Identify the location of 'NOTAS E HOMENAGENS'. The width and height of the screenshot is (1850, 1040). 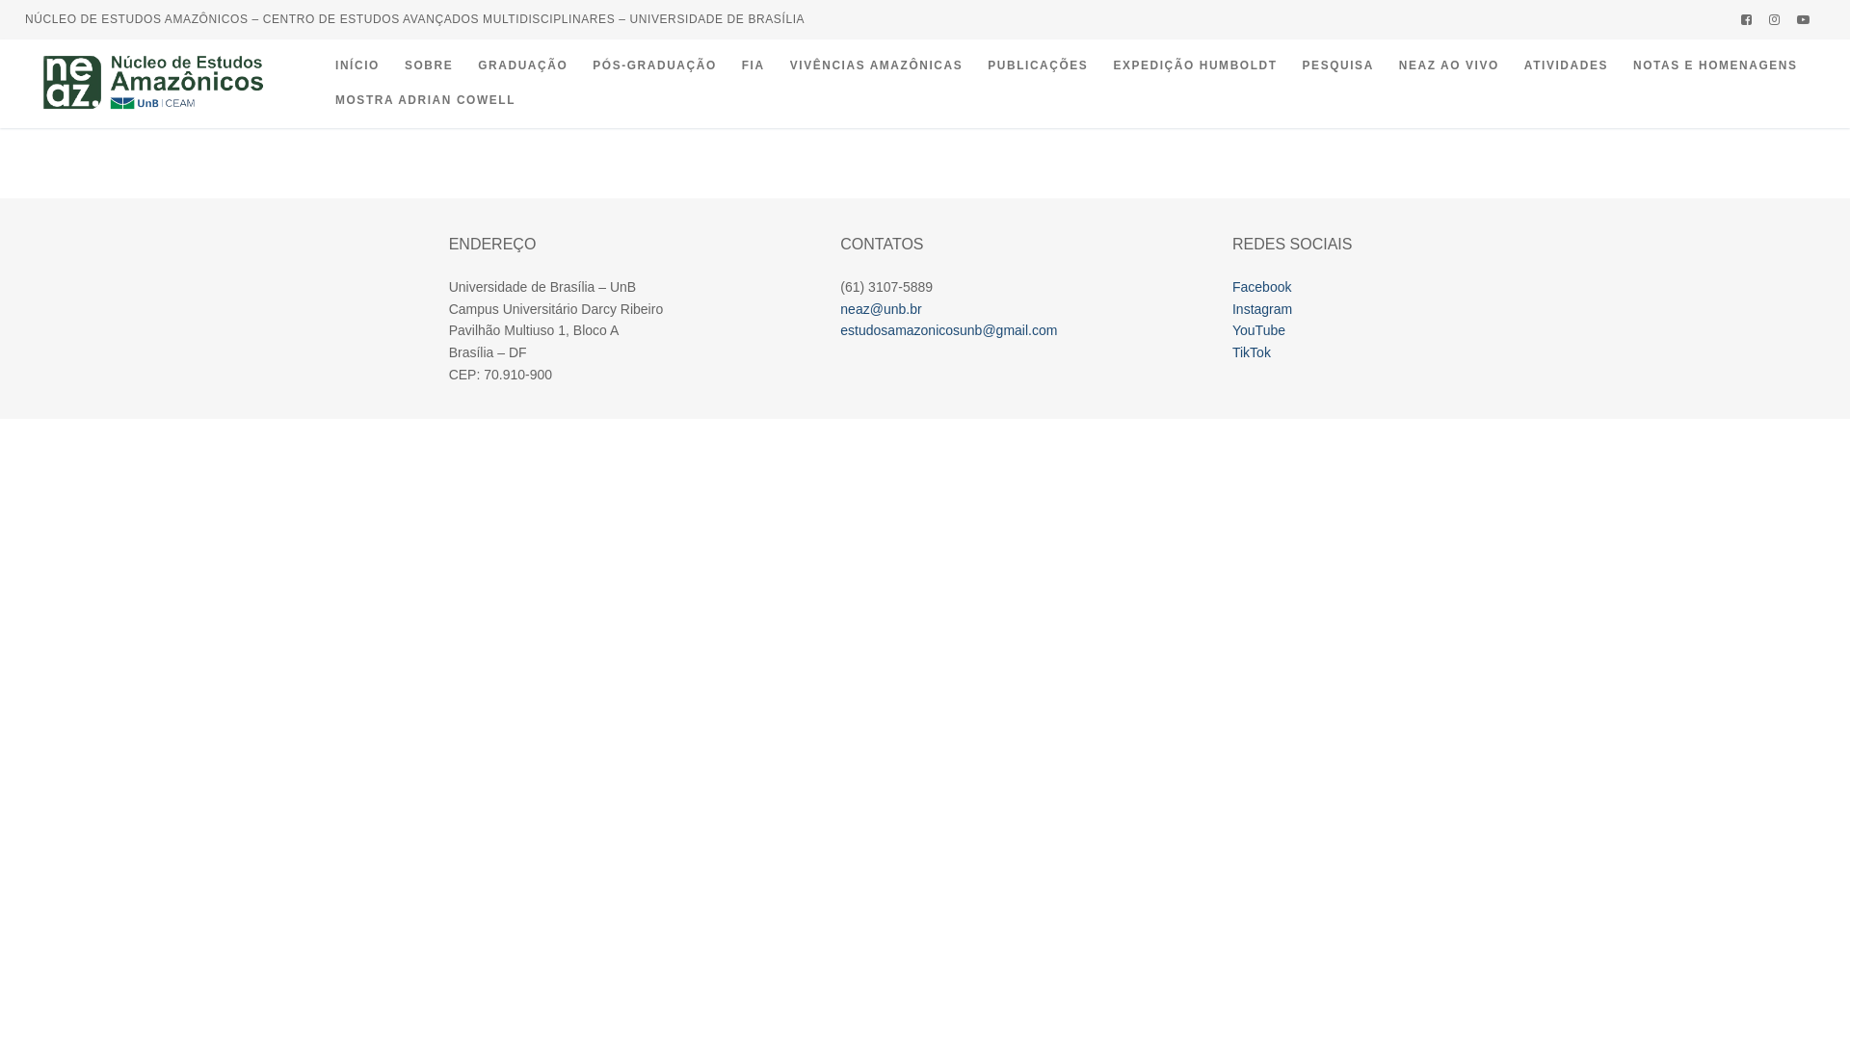
(1715, 65).